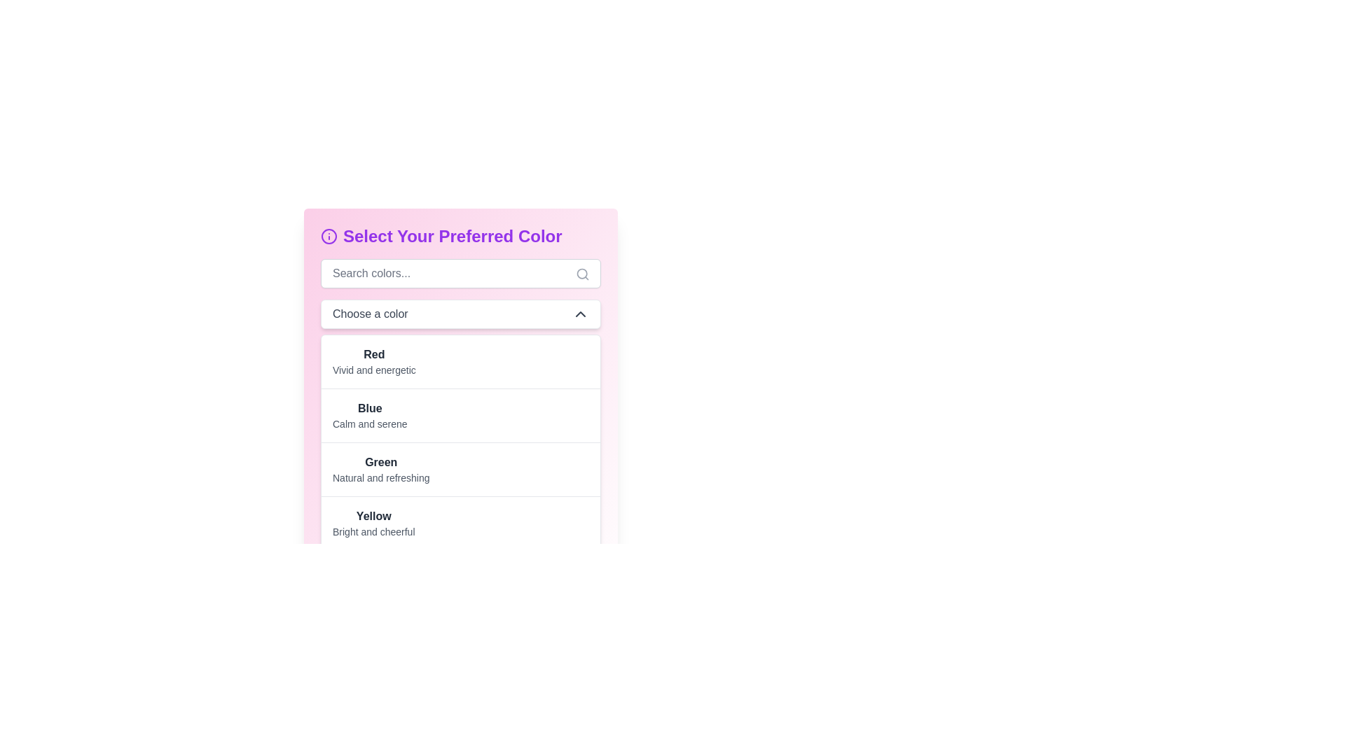 This screenshot has height=756, width=1345. I want to click on the third list item in the vertical color-themed list, which displays 'Green' and 'Natural and refreshing', so click(460, 469).